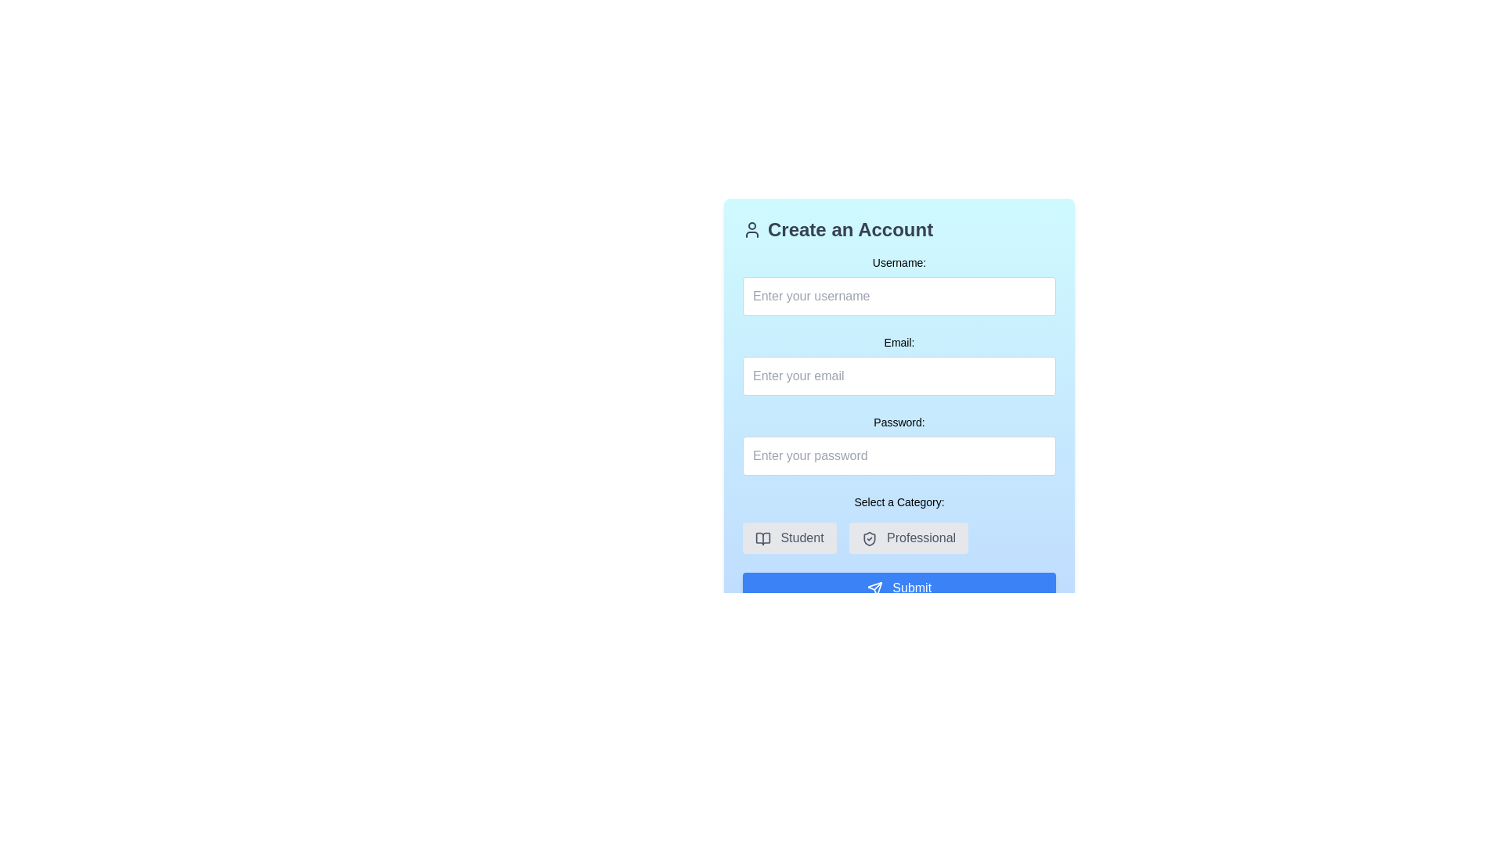  Describe the element at coordinates (868, 538) in the screenshot. I see `the SVG icon resembling a shield with a checkmark, which is positioned to the left of the 'Professional' label` at that location.